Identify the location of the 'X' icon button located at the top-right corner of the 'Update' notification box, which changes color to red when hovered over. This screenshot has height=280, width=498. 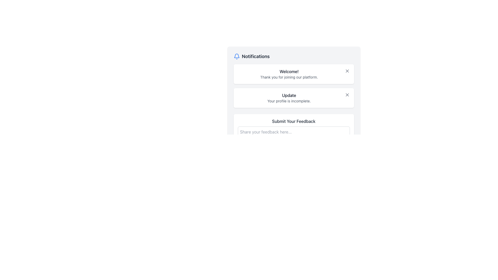
(347, 95).